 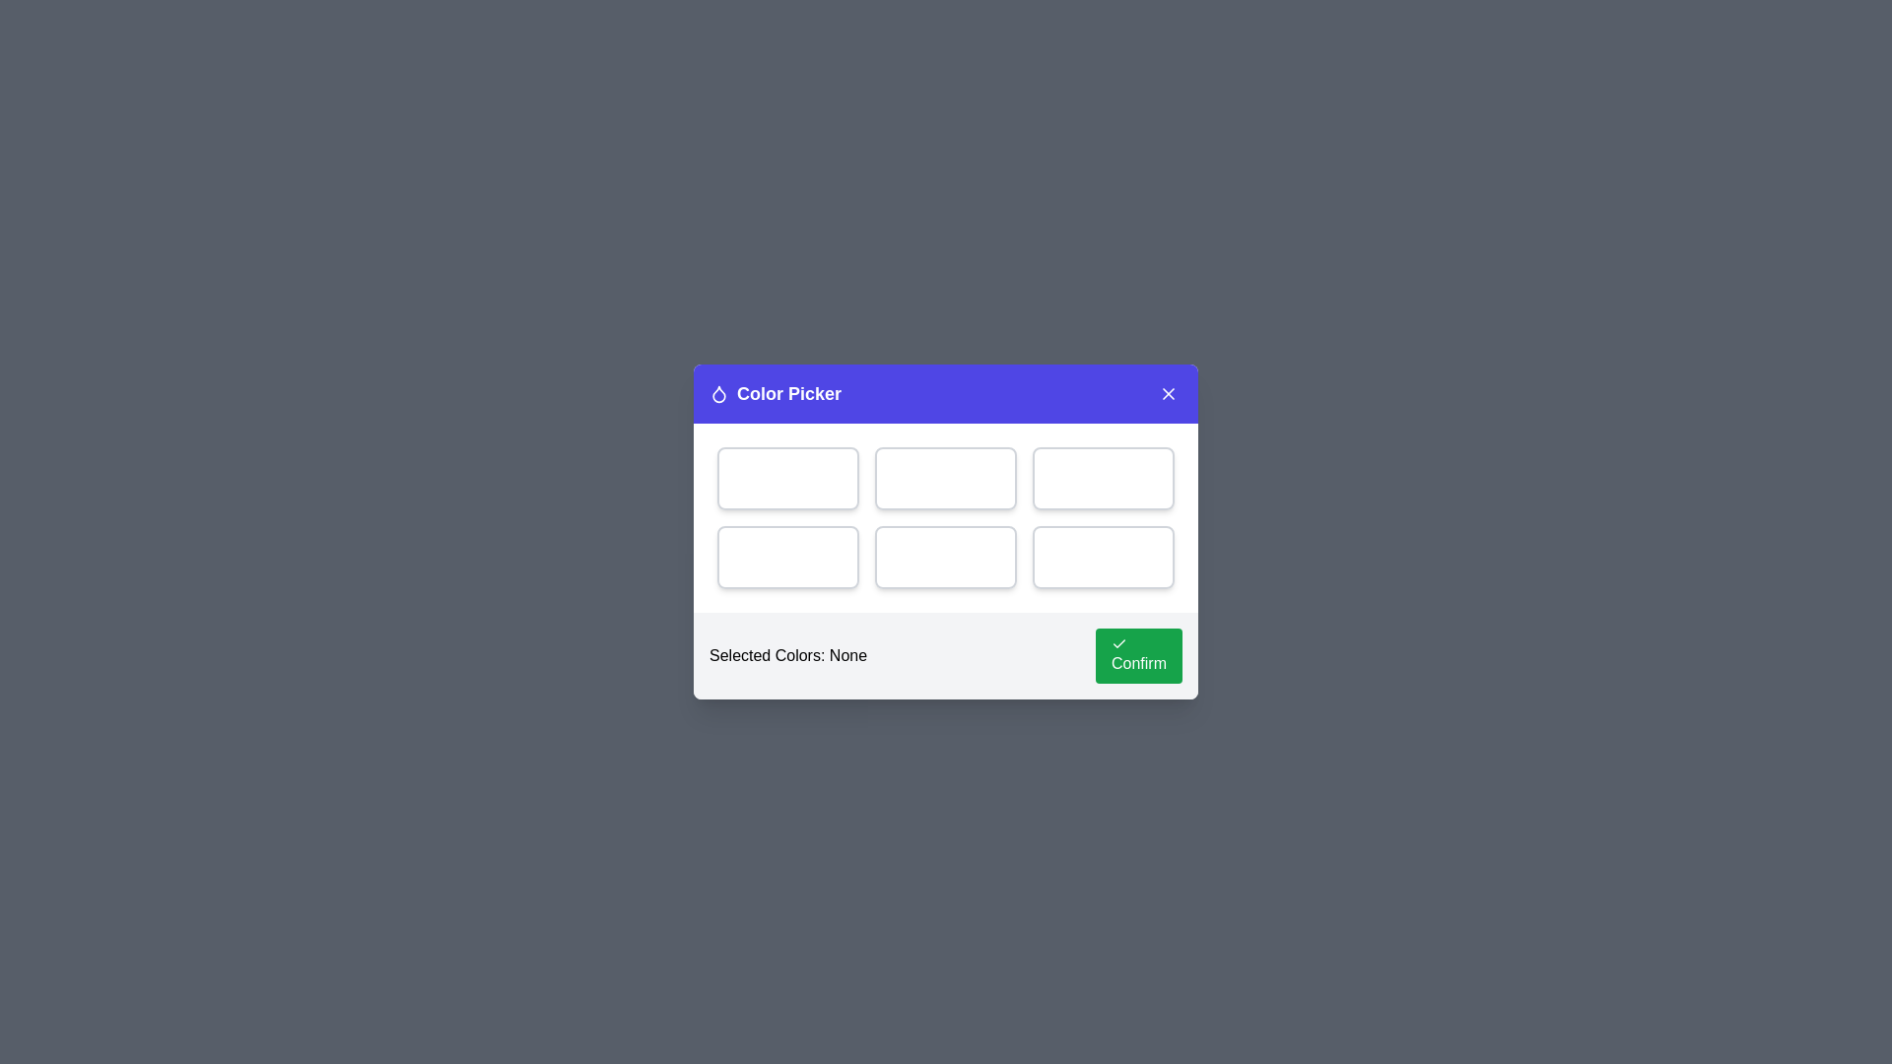 What do you see at coordinates (1139, 656) in the screenshot?
I see `the 'Confirm' button to confirm the selected colors` at bounding box center [1139, 656].